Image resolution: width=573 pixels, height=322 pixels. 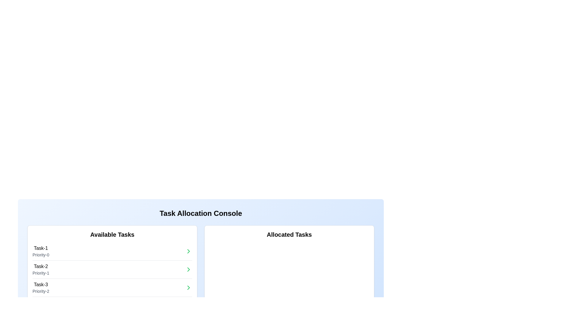 I want to click on the Text Label displaying 'Task-2' and 'Priority-1' in the second row of the 'Available Tasks' section, so click(x=41, y=269).